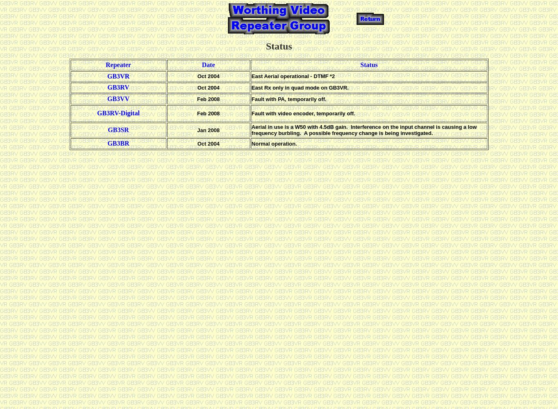  Describe the element at coordinates (293, 76) in the screenshot. I see `'East Aerial
operational - DTMF *2'` at that location.